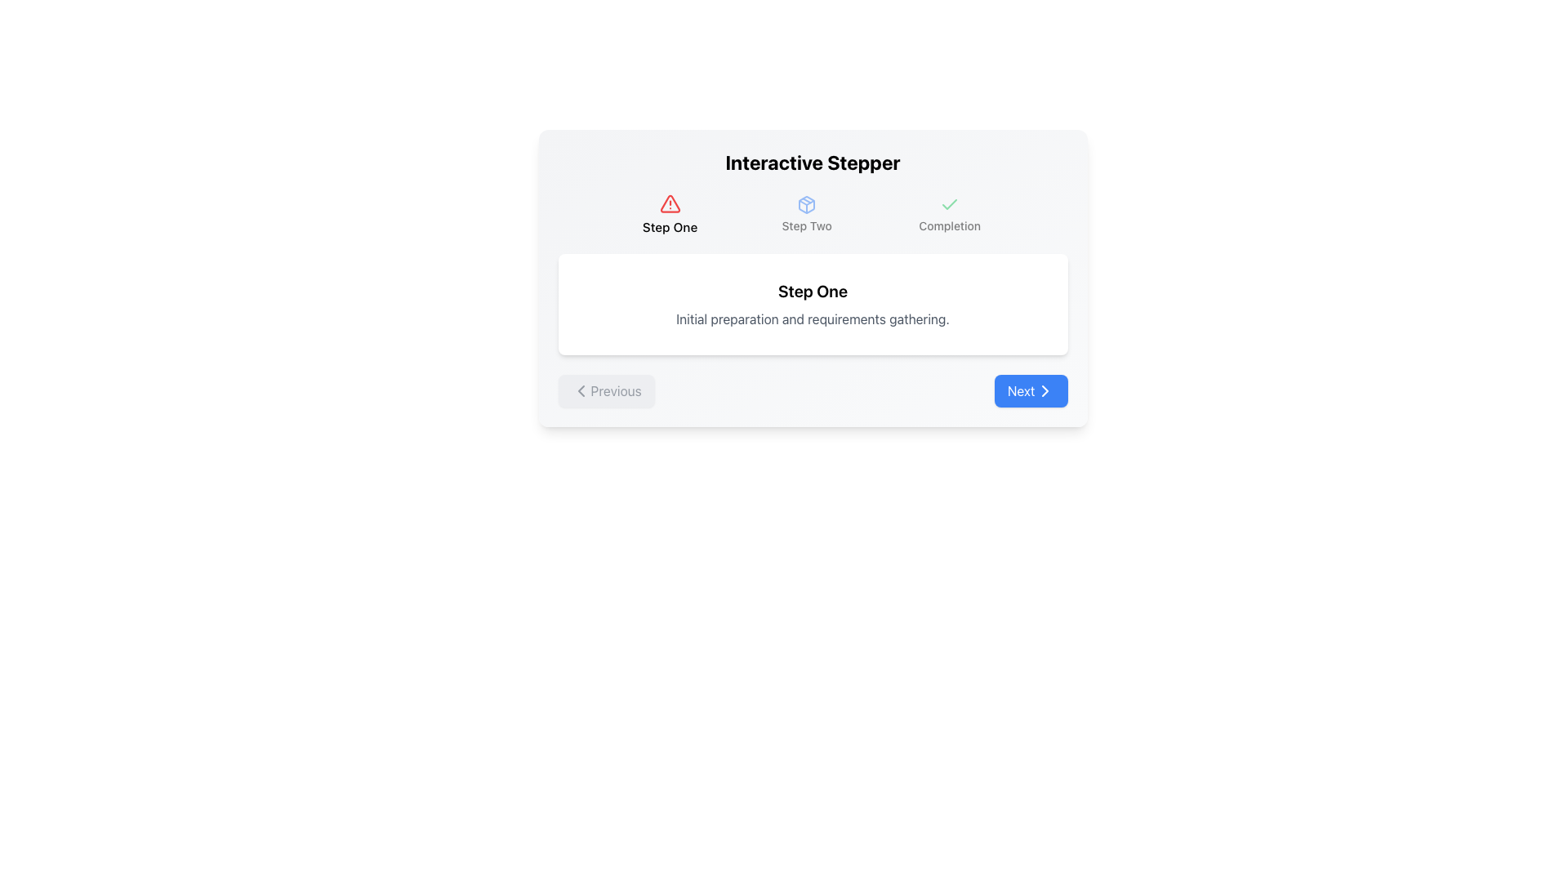 This screenshot has width=1568, height=882. Describe the element at coordinates (950, 213) in the screenshot. I see `text 'Completion' from the third step indicator element in the stepper component, which is located at the top-right section of the interface and features a green checkmark icon above it` at that location.